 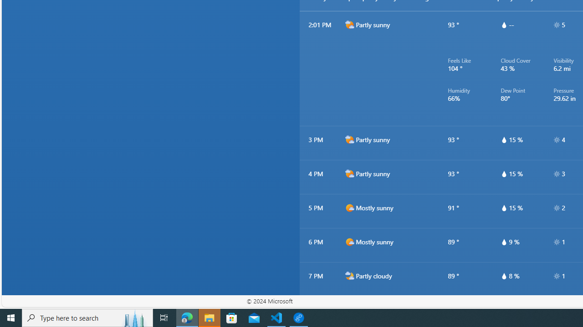 I want to click on 'hourlyTable/drop', so click(x=503, y=276).